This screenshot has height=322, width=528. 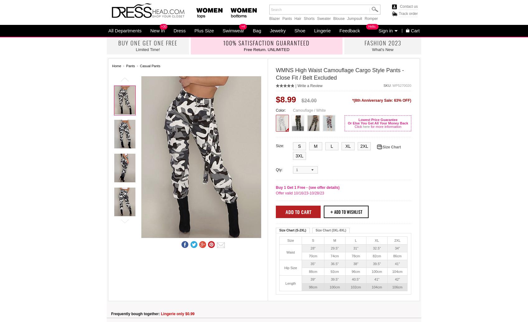 I want to click on '32.5"', so click(x=376, y=248).